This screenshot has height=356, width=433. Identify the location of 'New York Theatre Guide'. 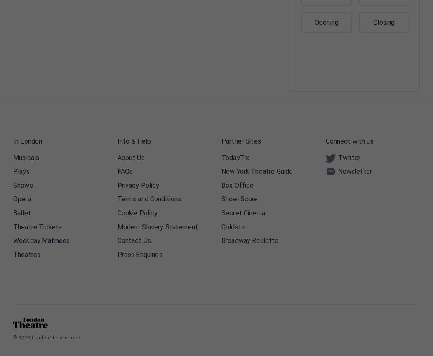
(257, 171).